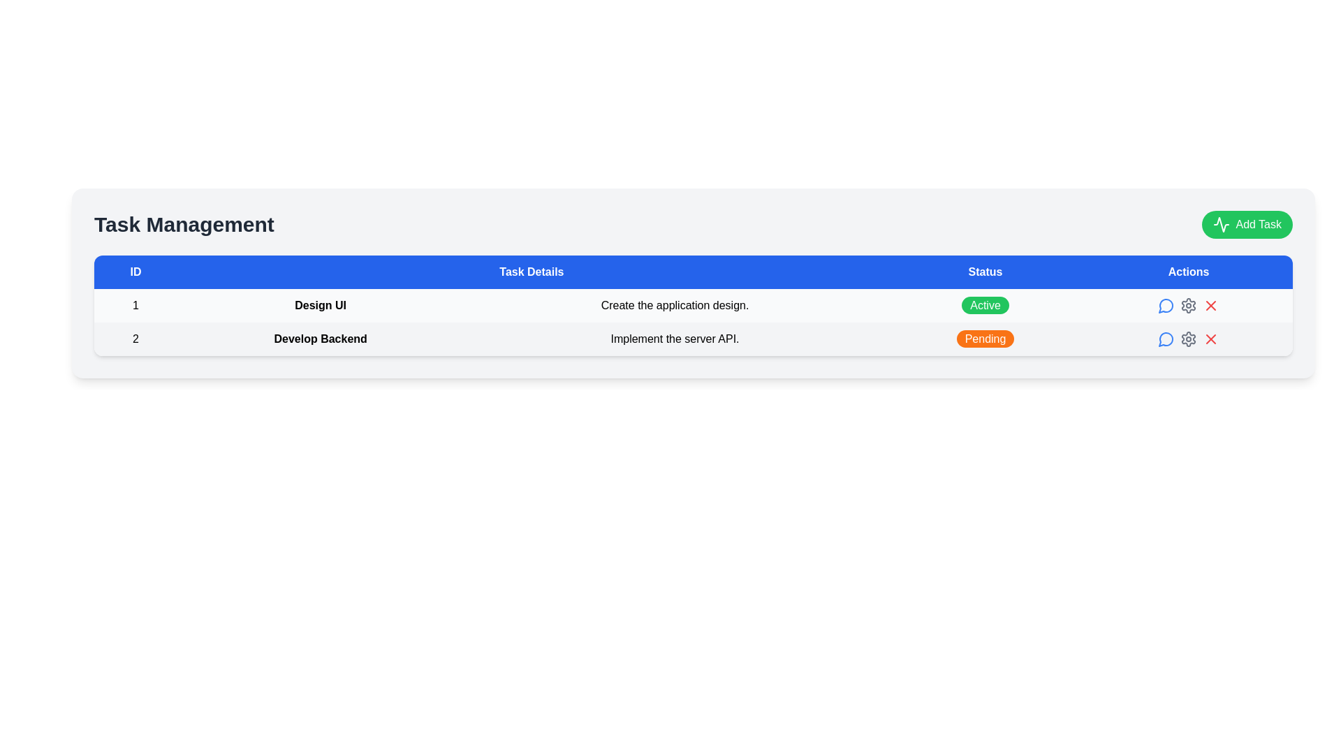  I want to click on the status of the 'Pending' status indicator tag, which is a pill-shaped label with an orange background and white bold text, located in the second row of the 'Status' column in the task management interface, so click(985, 339).